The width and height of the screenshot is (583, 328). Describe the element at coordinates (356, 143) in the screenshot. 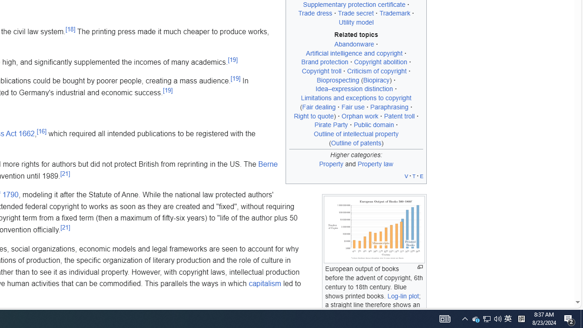

I see `'Outline of patents'` at that location.